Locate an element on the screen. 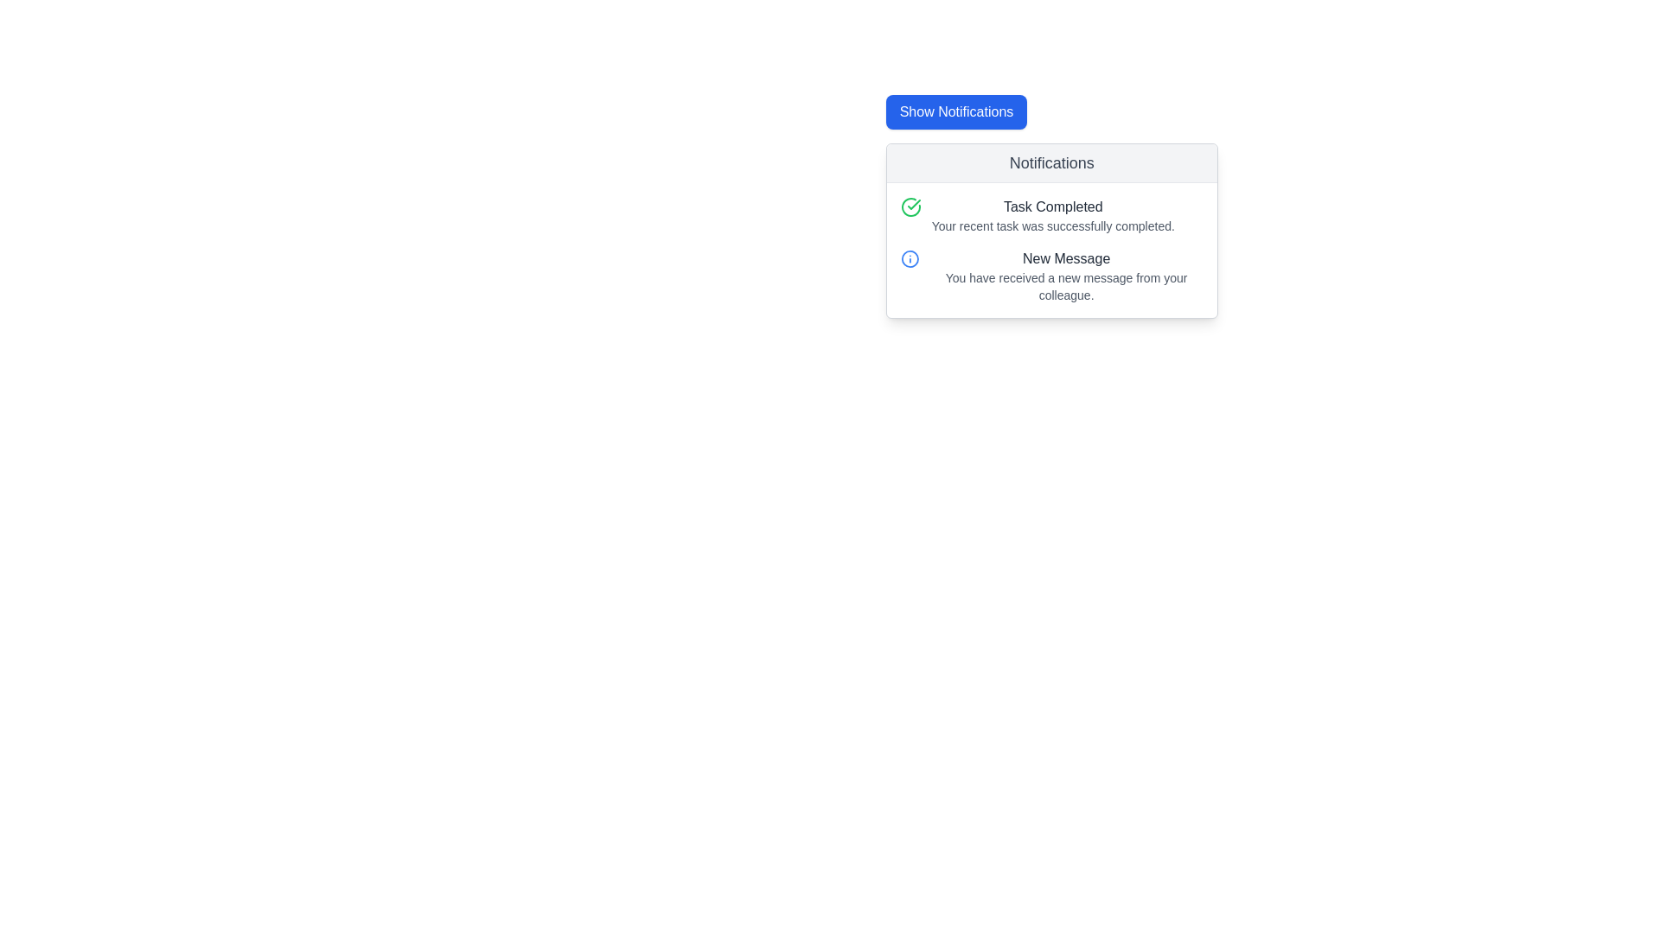 This screenshot has width=1660, height=933. the Text Display element that provides information about the 'New Message' notification to read the message details is located at coordinates (1065, 285).